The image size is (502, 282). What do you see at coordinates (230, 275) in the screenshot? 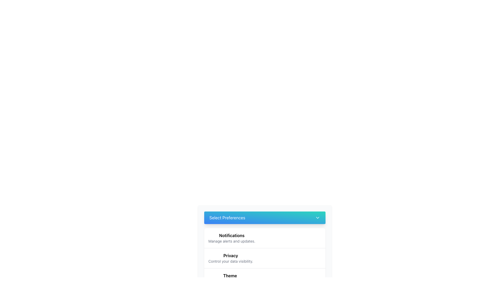
I see `the text label that serves as a header for the theme settings section, located above the description text 'Select light or dark mode.'` at bounding box center [230, 275].